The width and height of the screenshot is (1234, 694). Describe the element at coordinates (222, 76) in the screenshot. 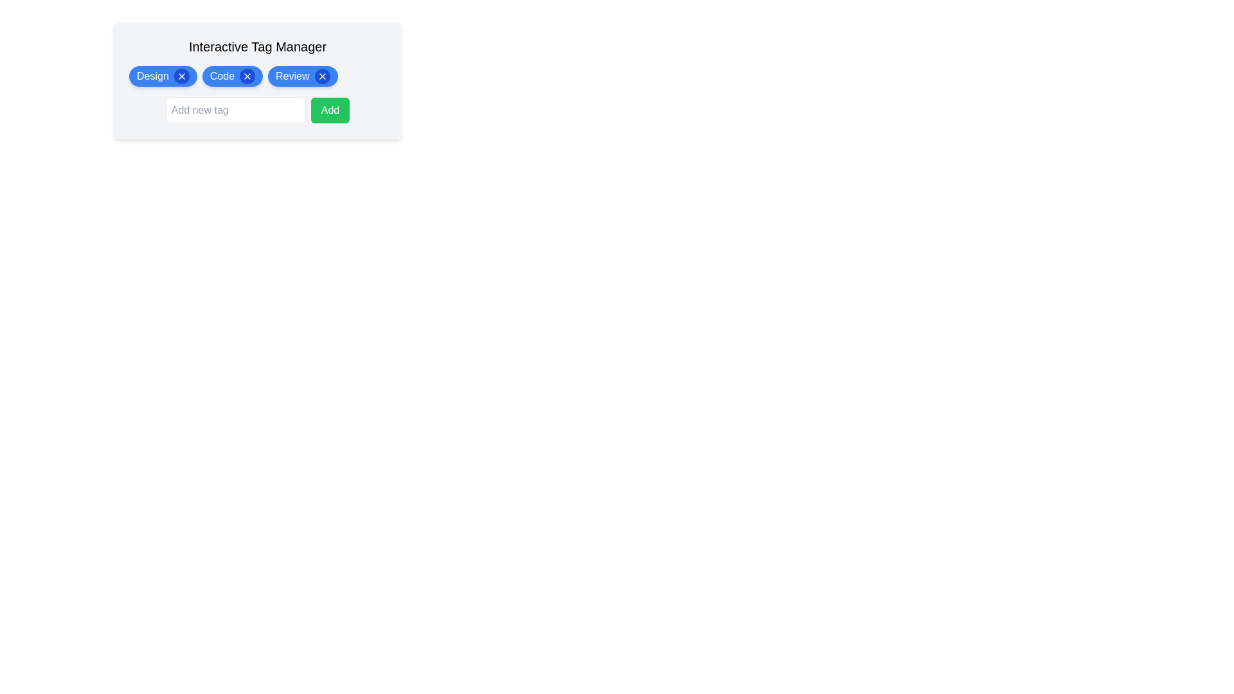

I see `the 'Code' label, which is styled in white text on a blue circular rectangle background` at that location.